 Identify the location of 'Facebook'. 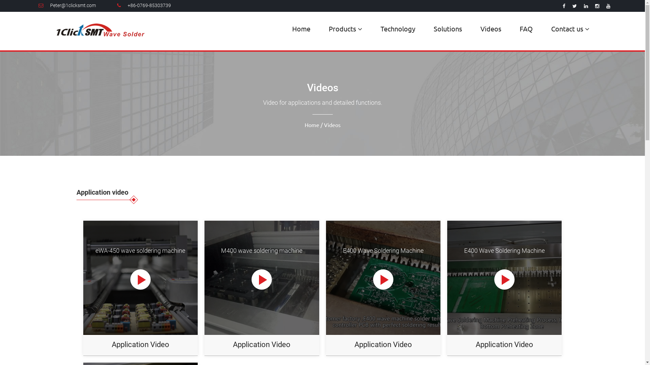
(564, 6).